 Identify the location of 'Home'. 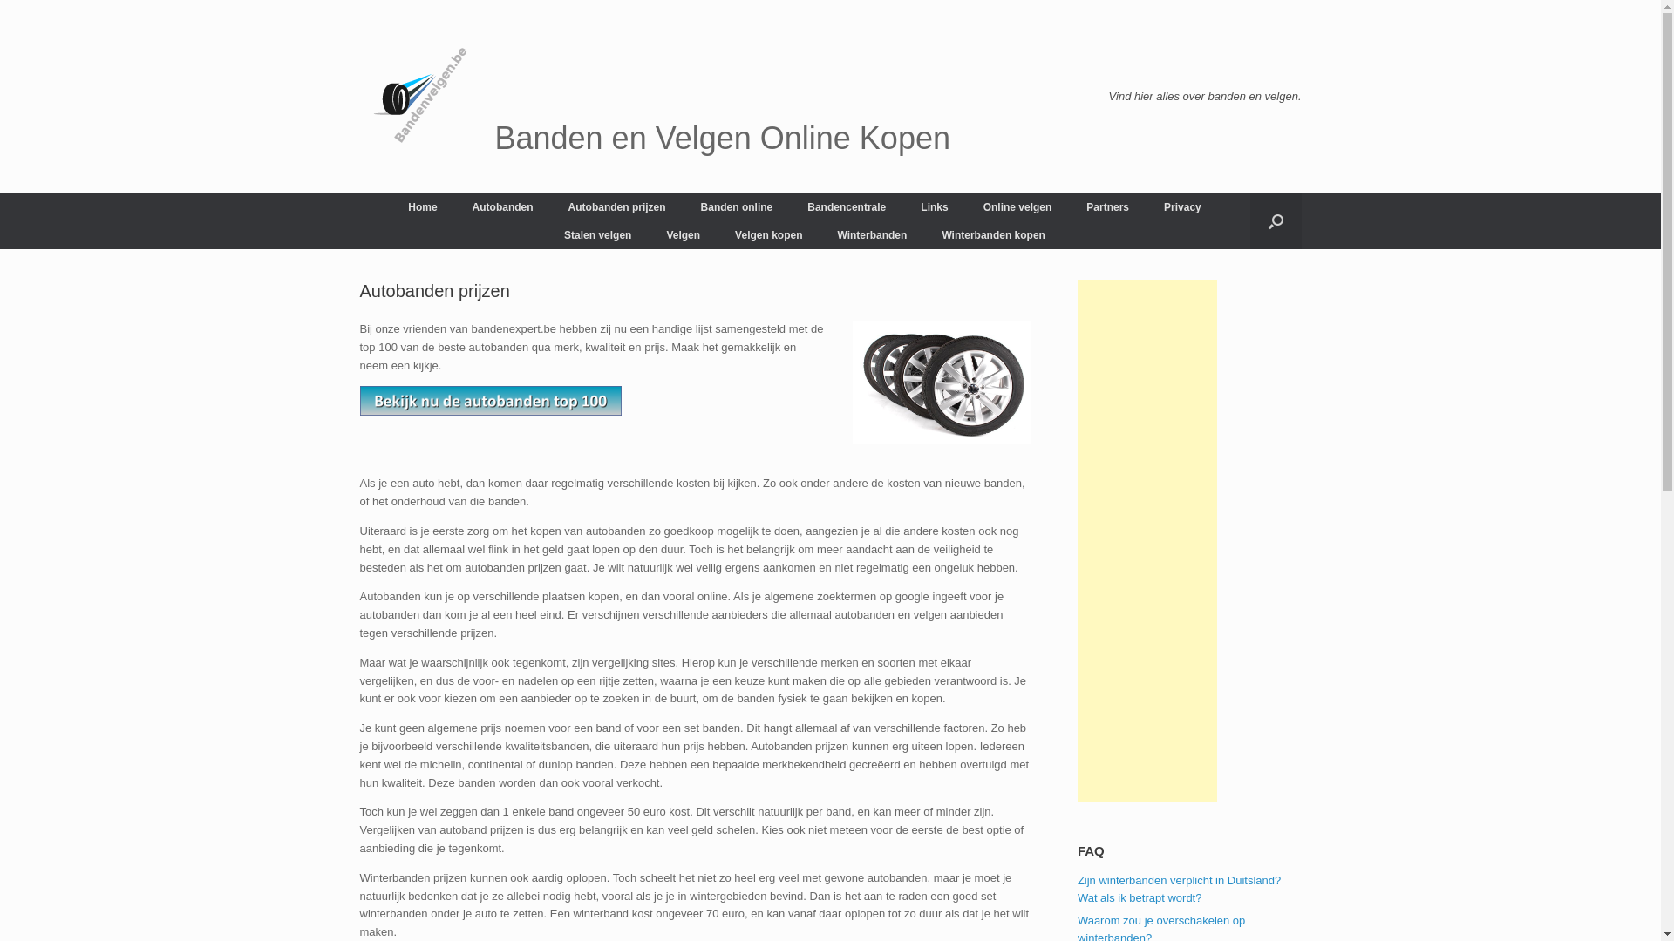
(422, 206).